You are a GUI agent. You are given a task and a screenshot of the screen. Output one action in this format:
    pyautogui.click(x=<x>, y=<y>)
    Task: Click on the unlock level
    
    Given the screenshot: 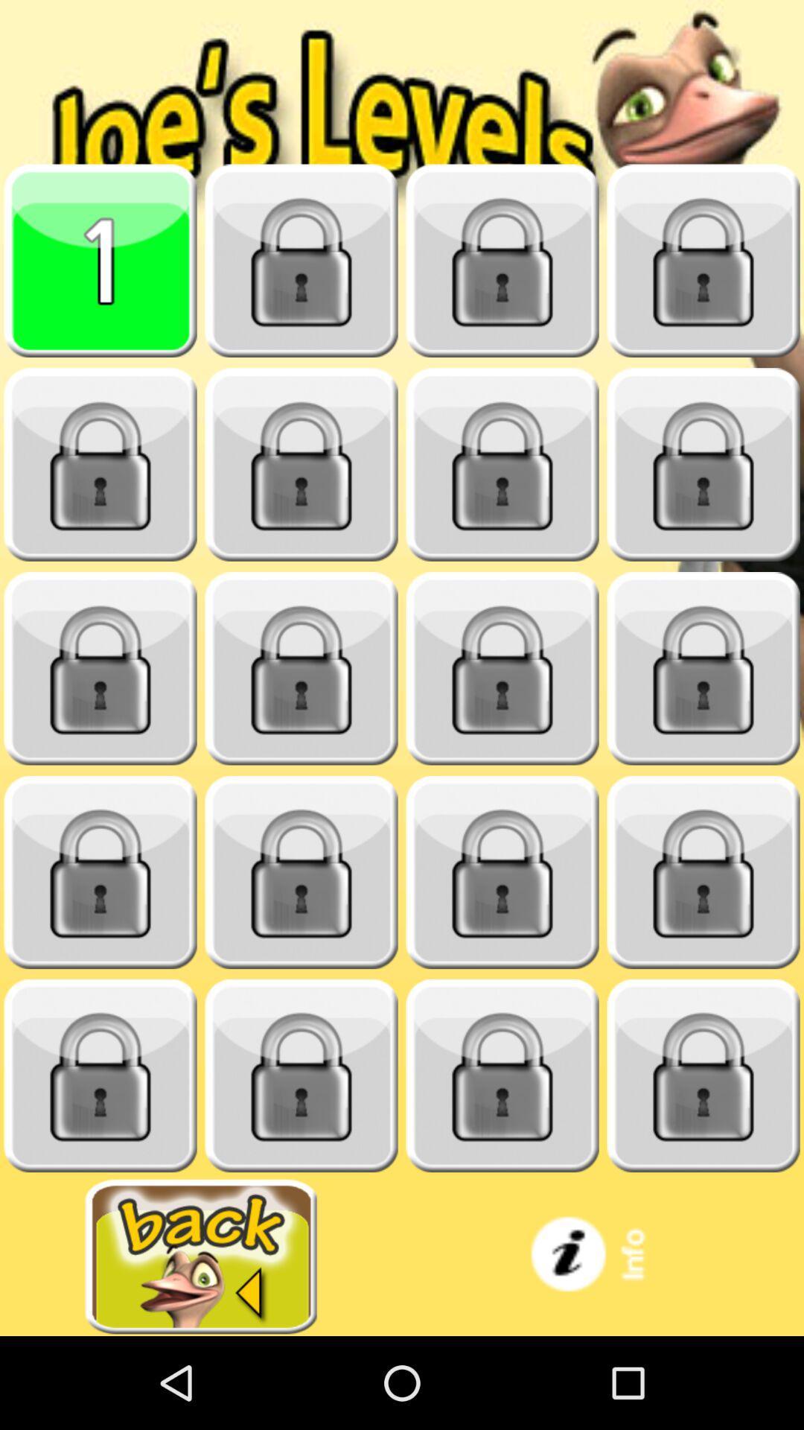 What is the action you would take?
    pyautogui.click(x=301, y=464)
    